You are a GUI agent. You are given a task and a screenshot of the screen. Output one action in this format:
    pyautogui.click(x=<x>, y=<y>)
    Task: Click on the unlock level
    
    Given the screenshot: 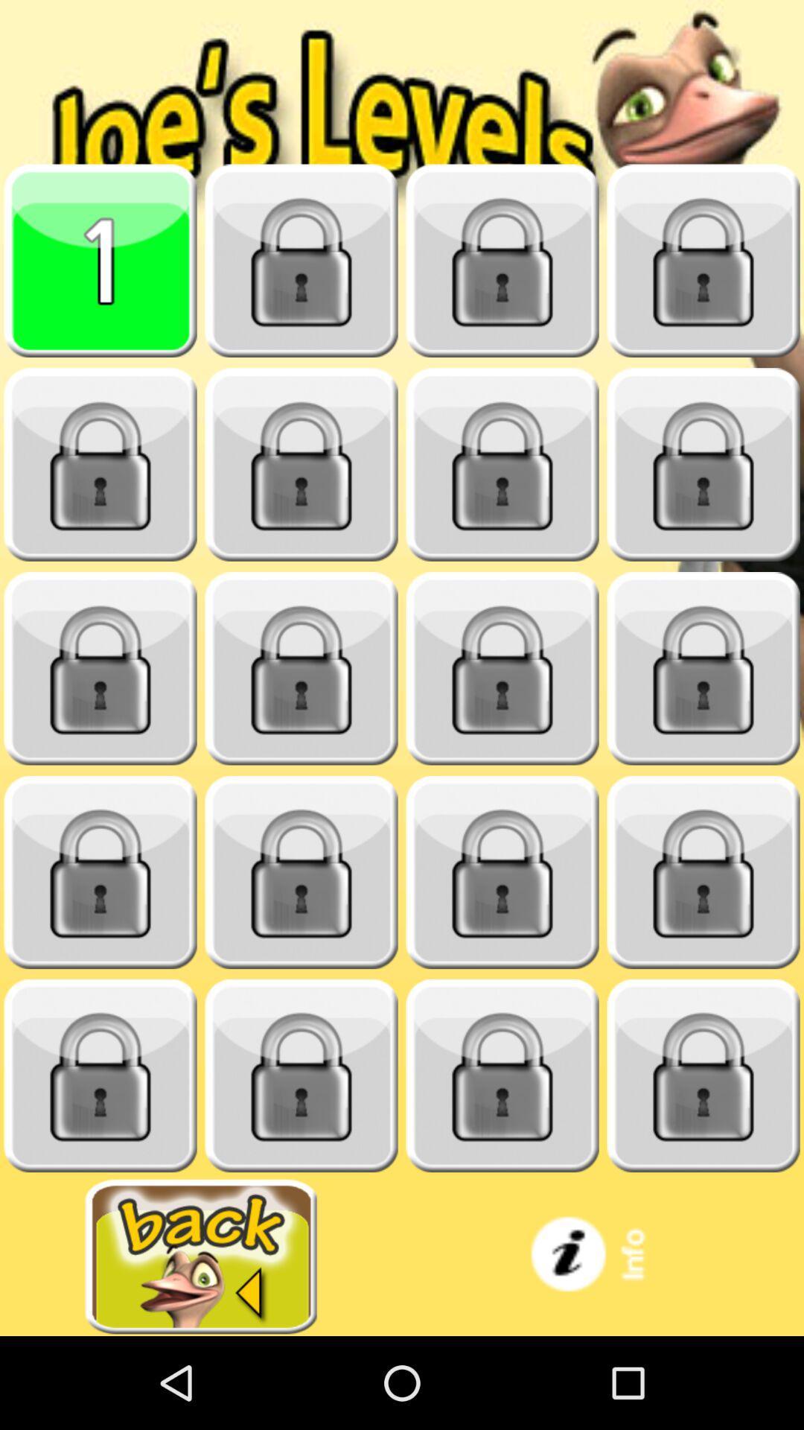 What is the action you would take?
    pyautogui.click(x=301, y=464)
    